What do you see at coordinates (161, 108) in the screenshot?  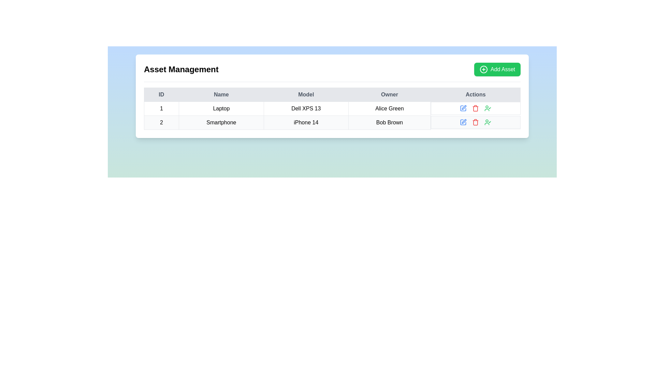 I see `the text cell displaying the ID 'Laptop' in the first row of the table under the 'ID' column` at bounding box center [161, 108].